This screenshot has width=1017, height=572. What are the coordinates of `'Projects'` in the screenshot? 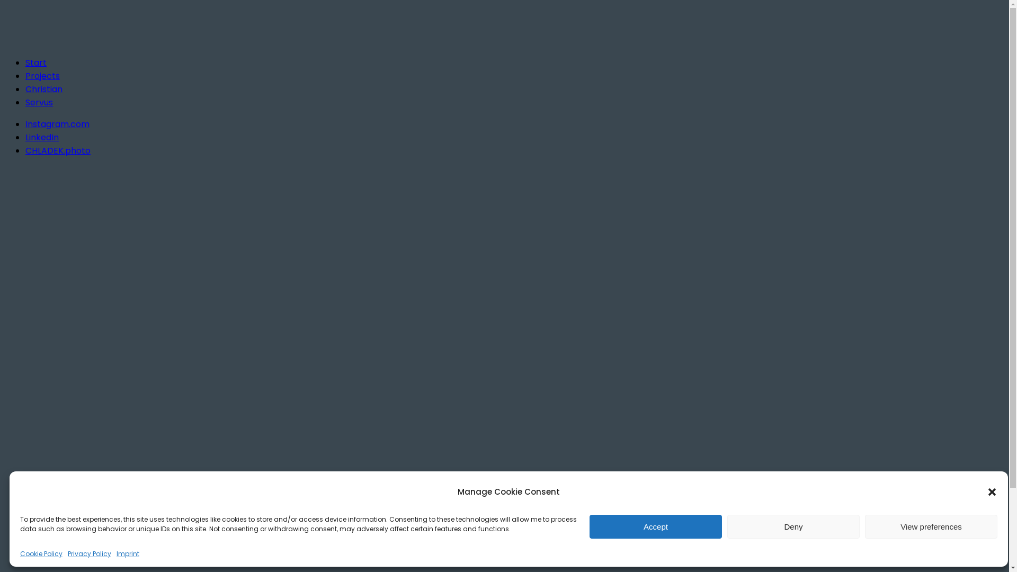 It's located at (42, 75).